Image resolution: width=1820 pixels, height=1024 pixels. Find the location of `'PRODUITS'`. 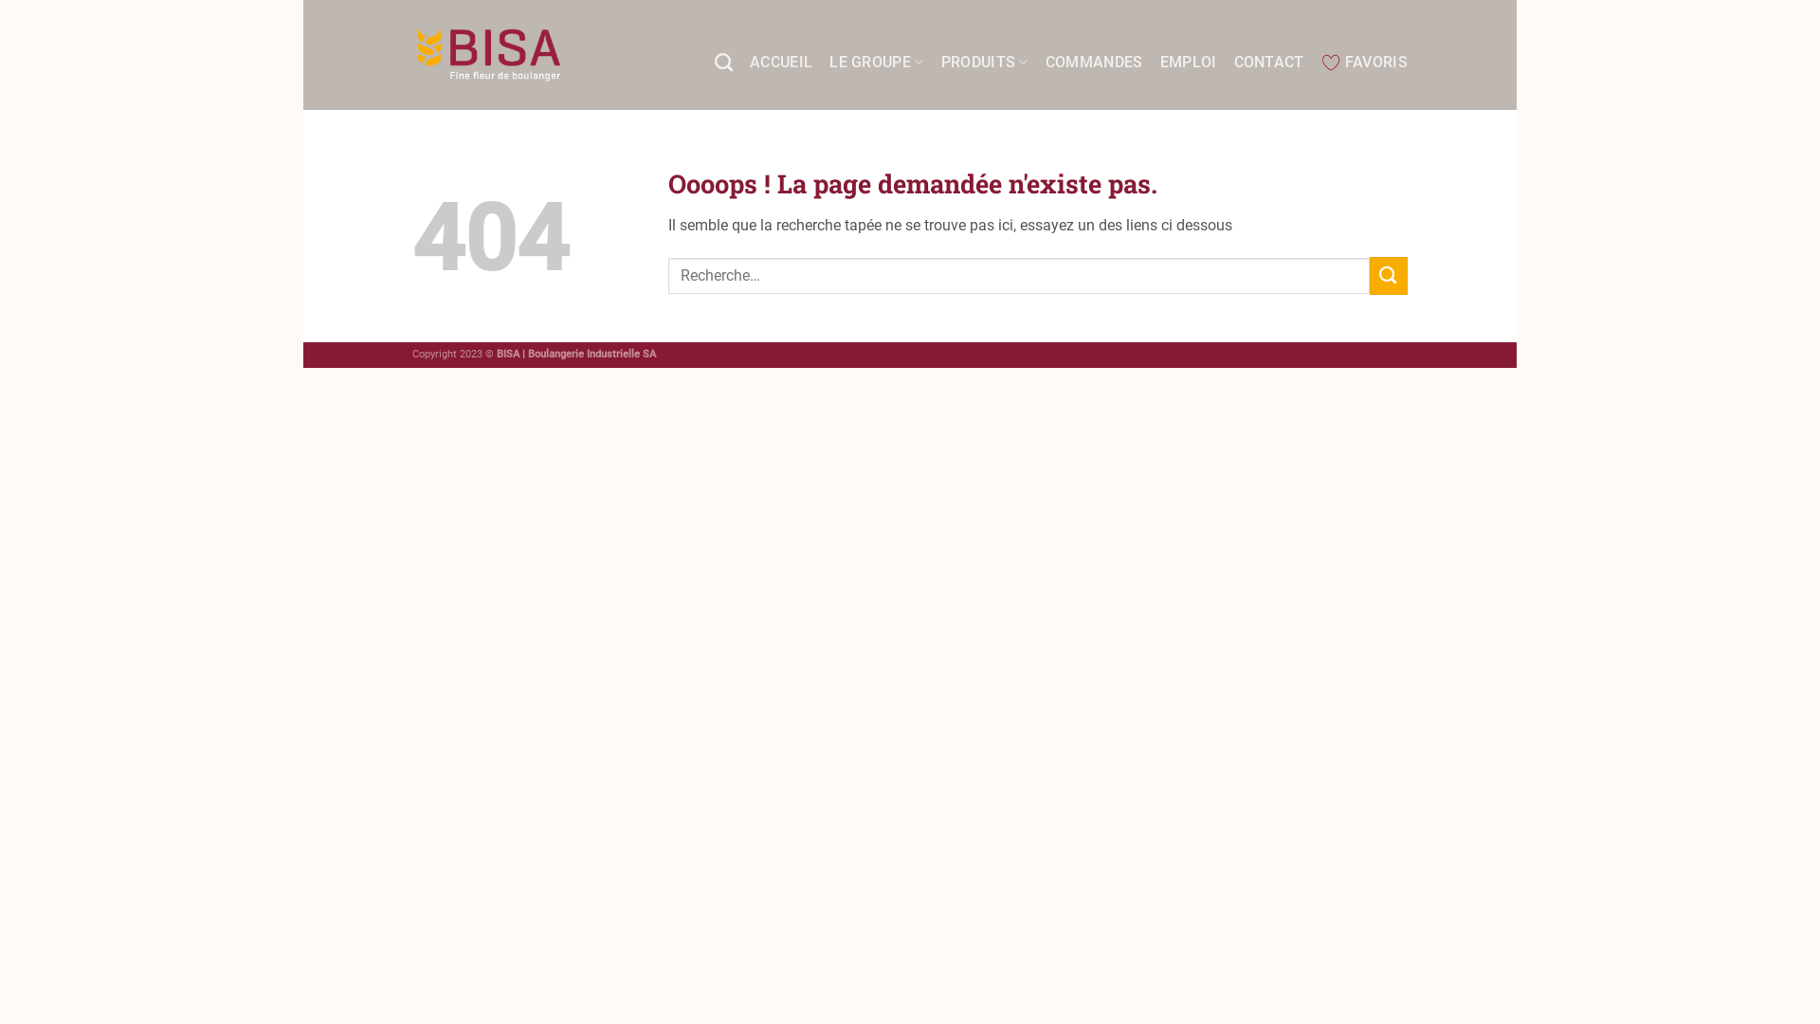

'PRODUITS' is located at coordinates (984, 61).